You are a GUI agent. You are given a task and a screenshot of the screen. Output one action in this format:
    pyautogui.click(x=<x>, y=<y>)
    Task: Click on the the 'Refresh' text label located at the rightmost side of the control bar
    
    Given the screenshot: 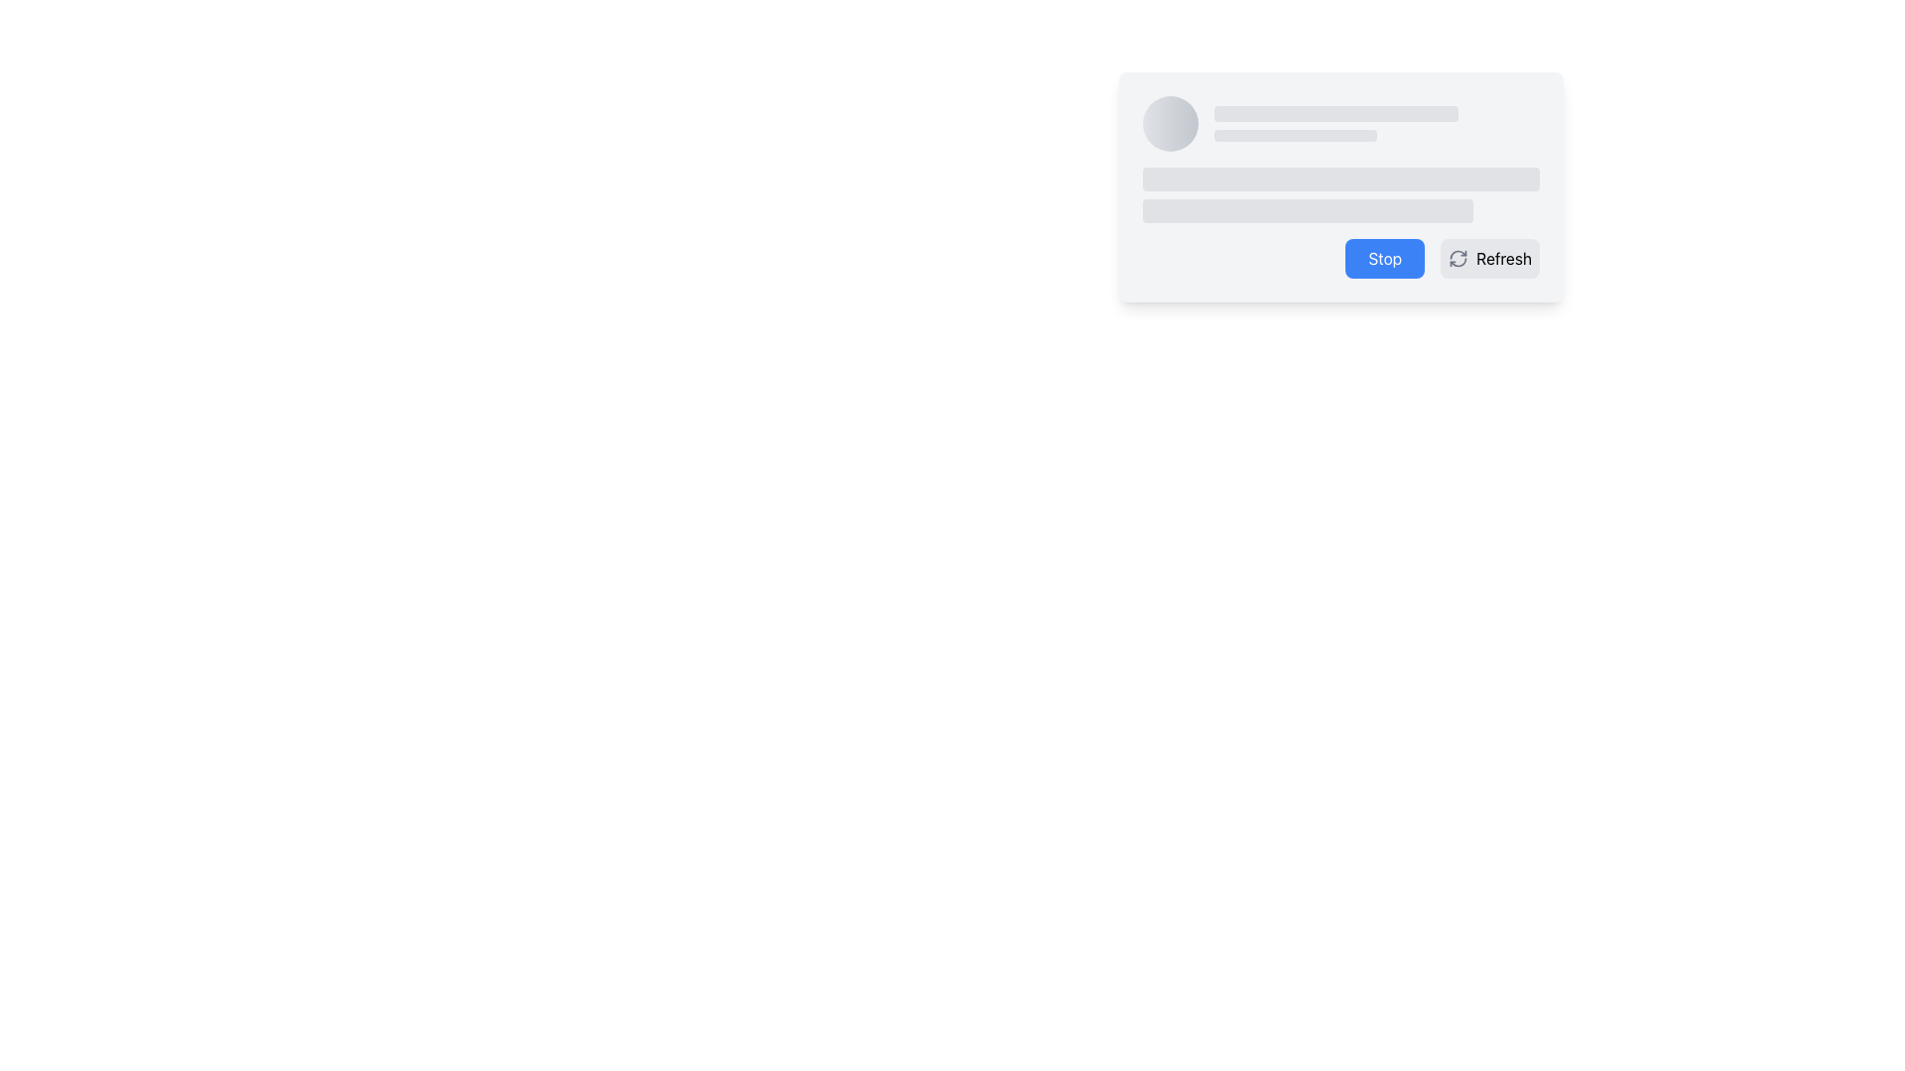 What is the action you would take?
    pyautogui.click(x=1504, y=258)
    